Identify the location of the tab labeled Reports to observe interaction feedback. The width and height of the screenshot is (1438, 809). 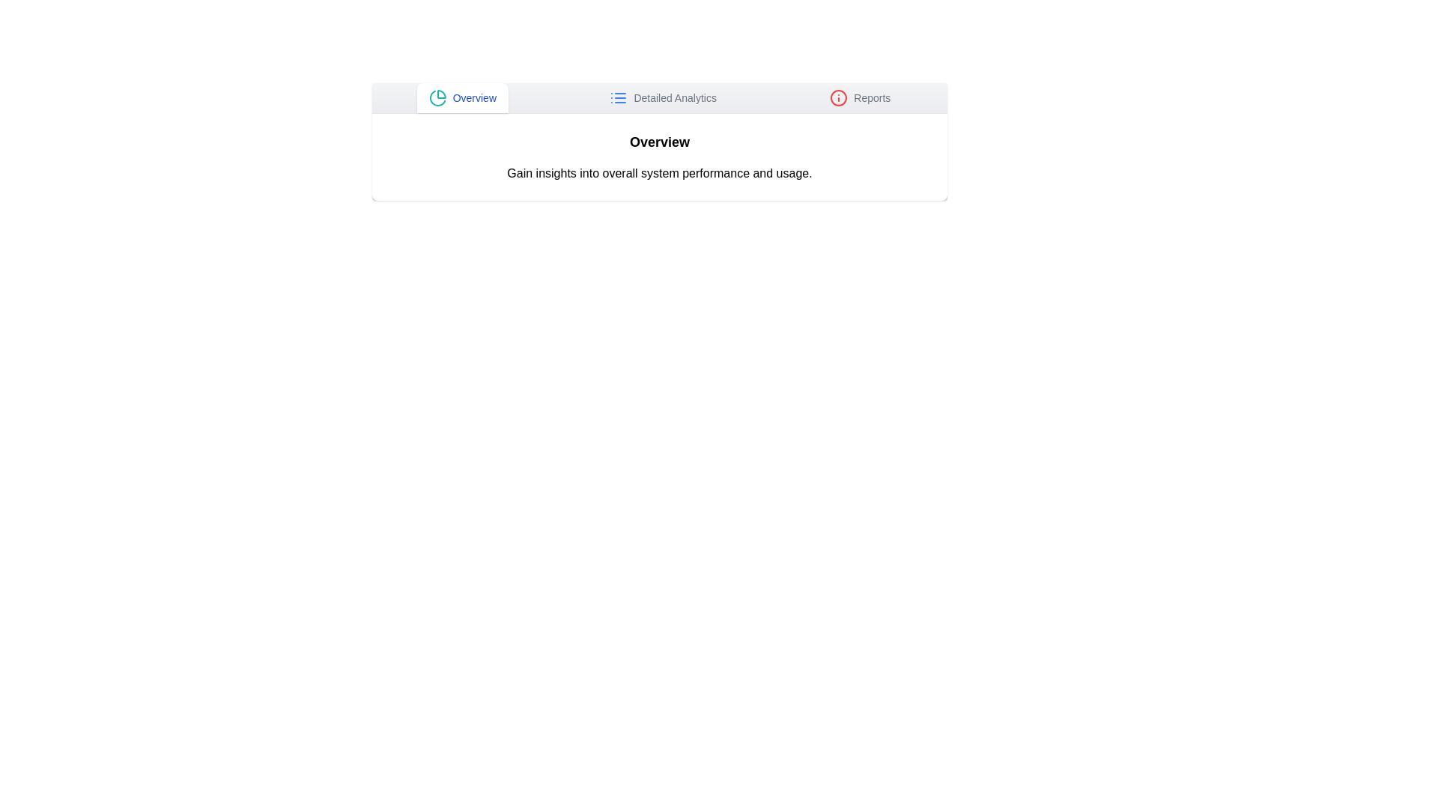
(860, 98).